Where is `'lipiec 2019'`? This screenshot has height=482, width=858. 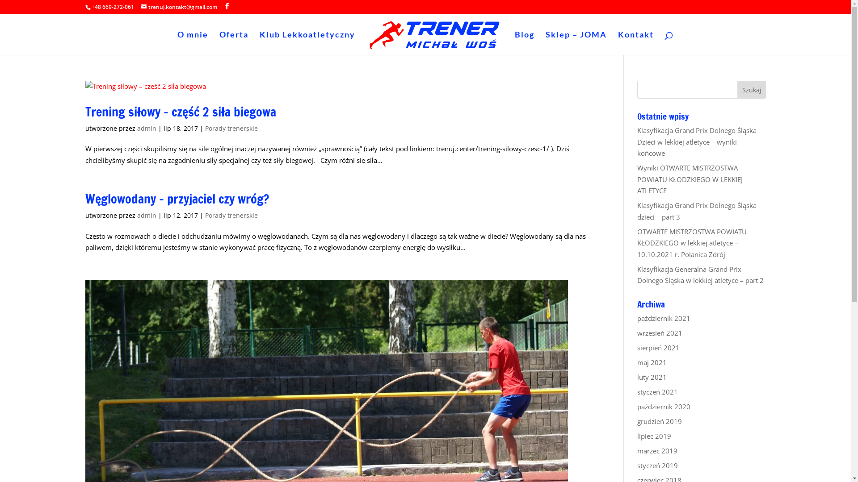
'lipiec 2019' is located at coordinates (654, 435).